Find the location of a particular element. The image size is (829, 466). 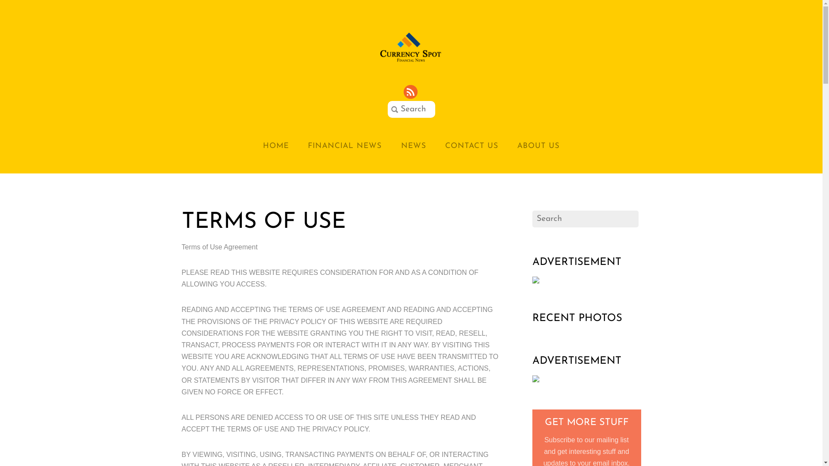

'NEWS' is located at coordinates (412, 145).